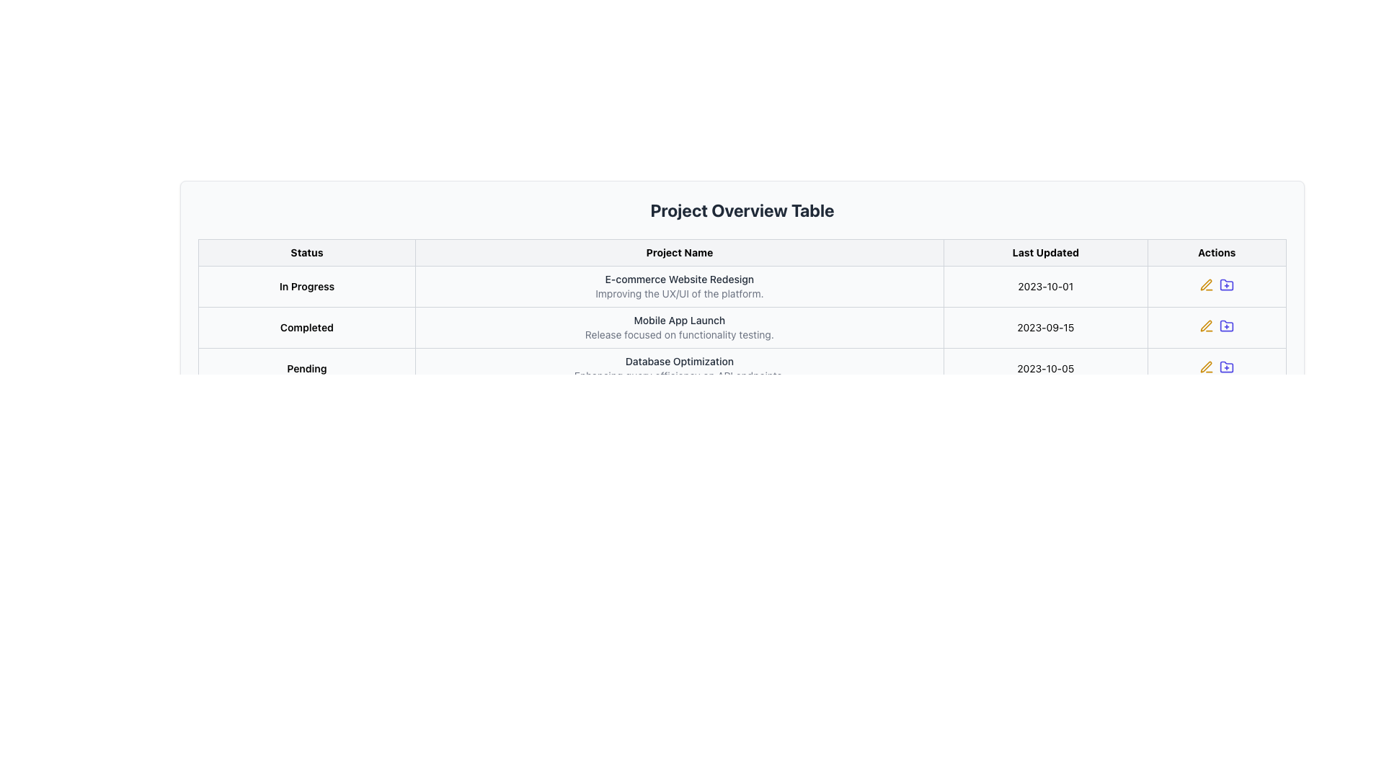  Describe the element at coordinates (678, 293) in the screenshot. I see `the Text Display element that provides additional information about the 'E-commerce Website Redesign', located below the project name in the 'Project Name' column of the table` at that location.